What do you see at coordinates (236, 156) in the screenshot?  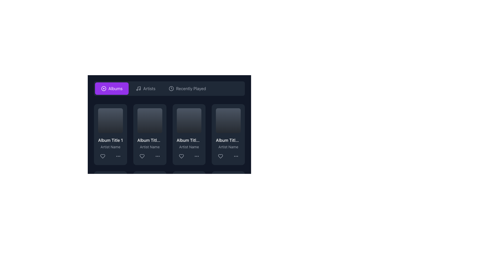 I see `the circular button with three horizontally aligned dots (ellipsis)` at bounding box center [236, 156].